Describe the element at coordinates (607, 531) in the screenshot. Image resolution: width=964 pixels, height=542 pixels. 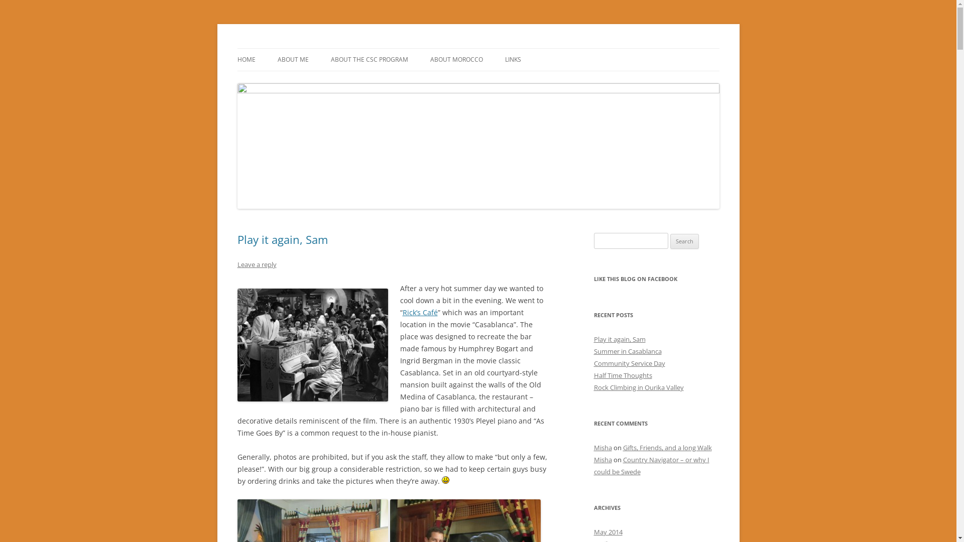
I see `'May 2014'` at that location.